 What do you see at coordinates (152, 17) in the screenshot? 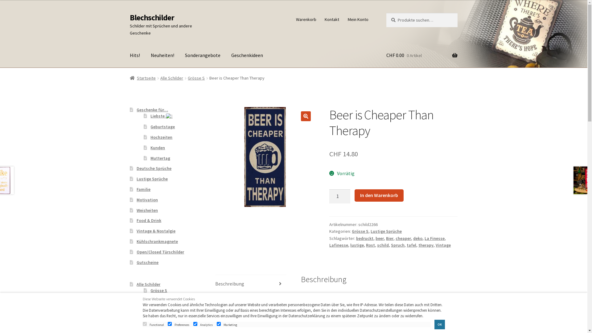
I see `'Blechschilder'` at bounding box center [152, 17].